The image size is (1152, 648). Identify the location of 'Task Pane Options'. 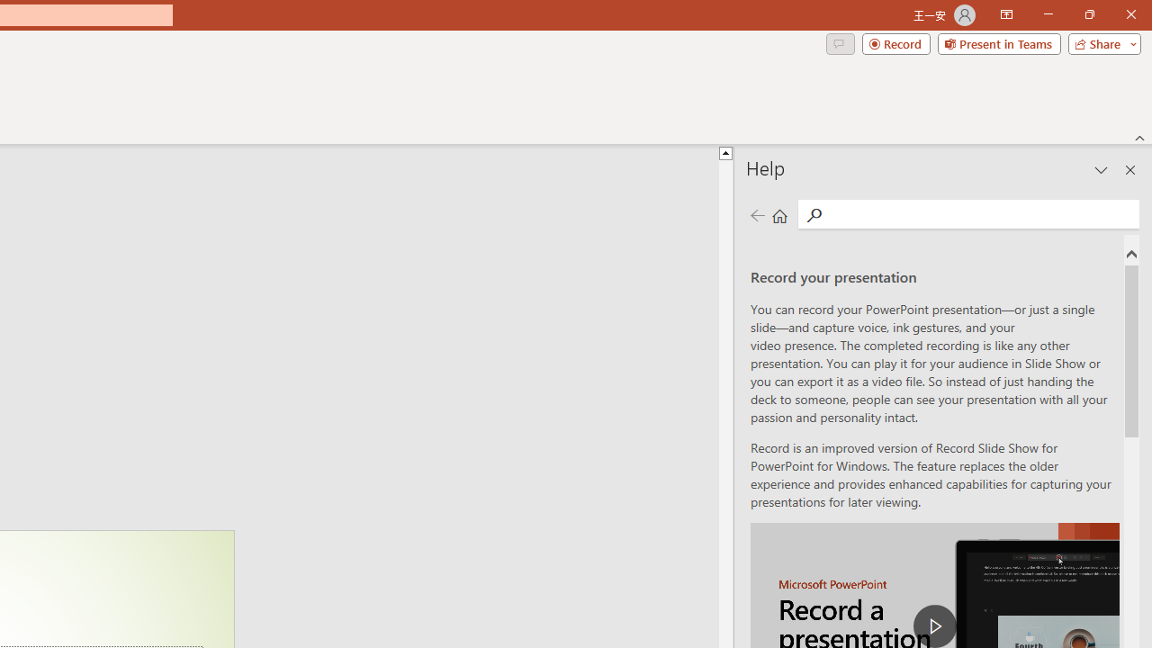
(1101, 170).